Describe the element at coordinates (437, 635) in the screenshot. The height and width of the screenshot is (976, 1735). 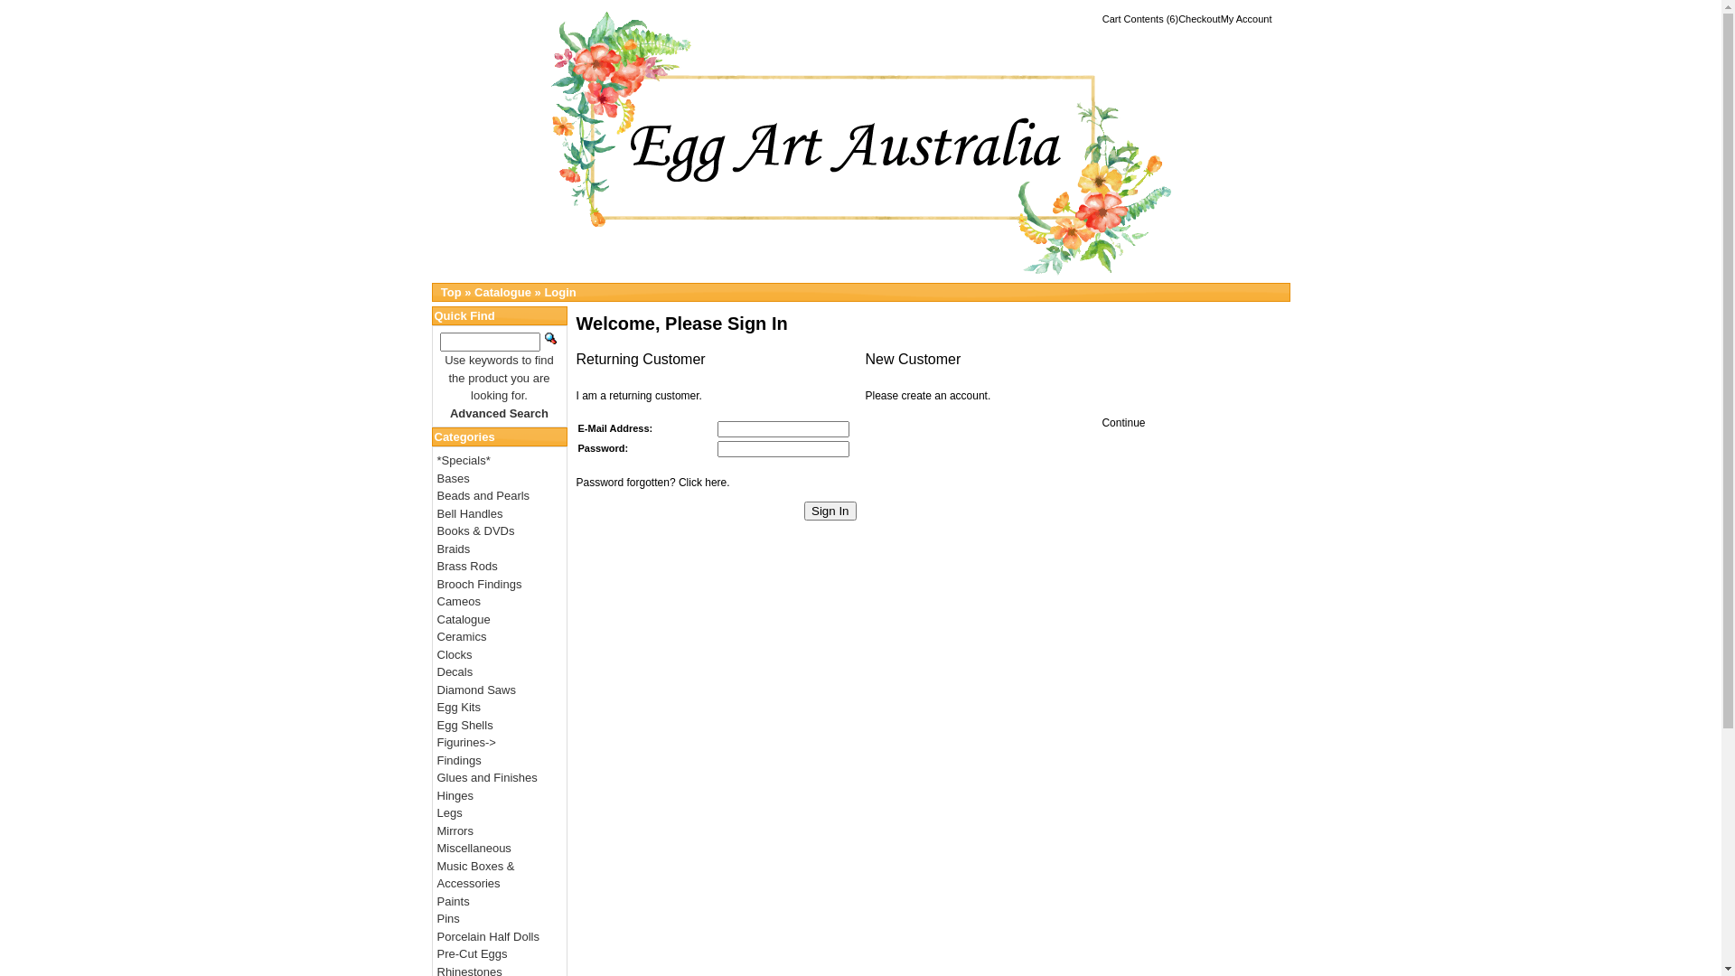
I see `'Ceramics'` at that location.